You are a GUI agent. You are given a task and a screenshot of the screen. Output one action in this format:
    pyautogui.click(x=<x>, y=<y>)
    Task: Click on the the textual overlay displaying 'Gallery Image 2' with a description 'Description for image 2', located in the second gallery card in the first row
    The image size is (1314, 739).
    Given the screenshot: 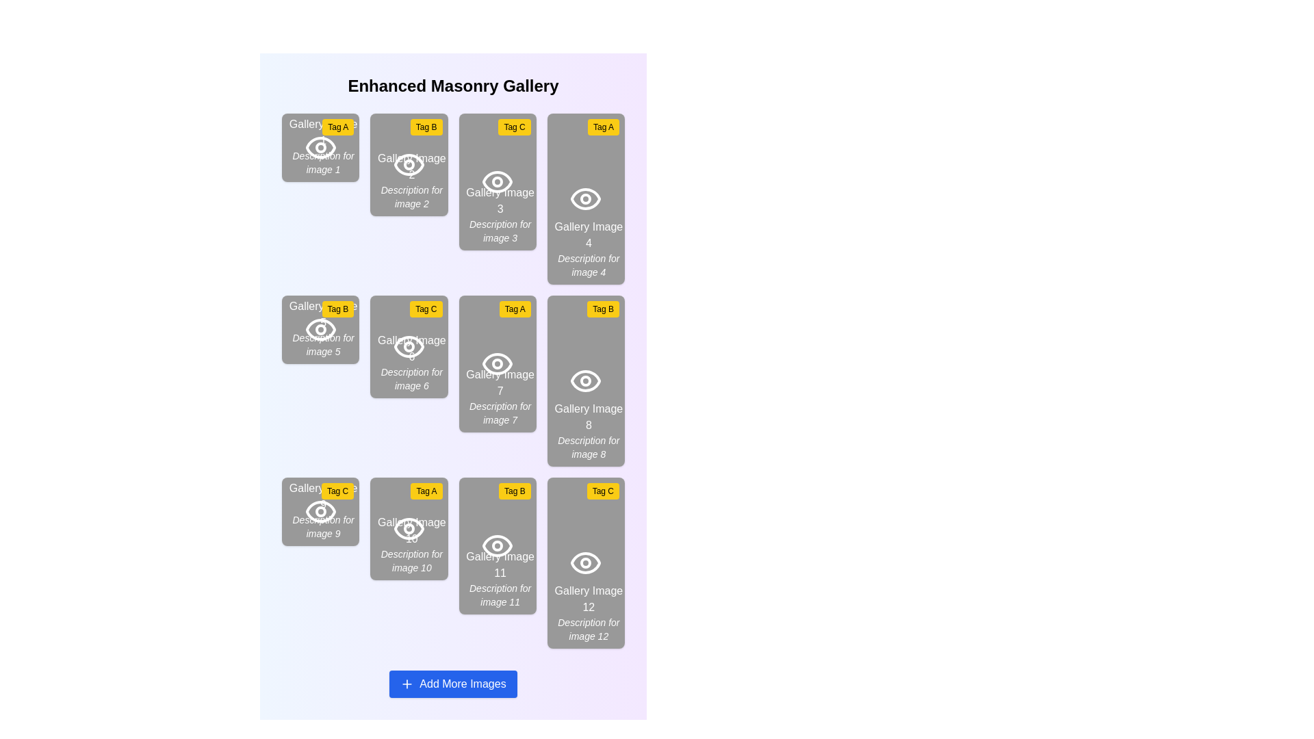 What is the action you would take?
    pyautogui.click(x=411, y=179)
    